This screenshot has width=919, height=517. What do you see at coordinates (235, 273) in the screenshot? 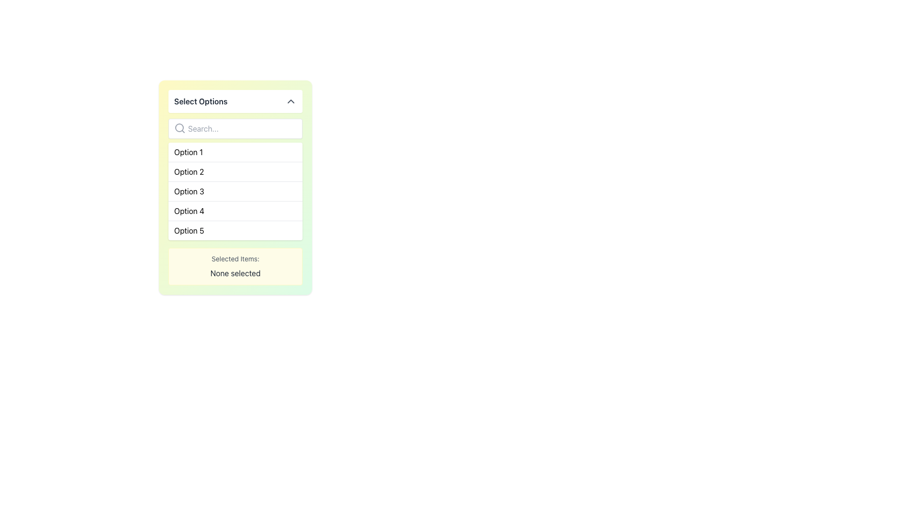
I see `the text label displaying 'None selected', which is located below the 'Selected Items:' label and has a bold, dark gray font on a yellow background` at bounding box center [235, 273].